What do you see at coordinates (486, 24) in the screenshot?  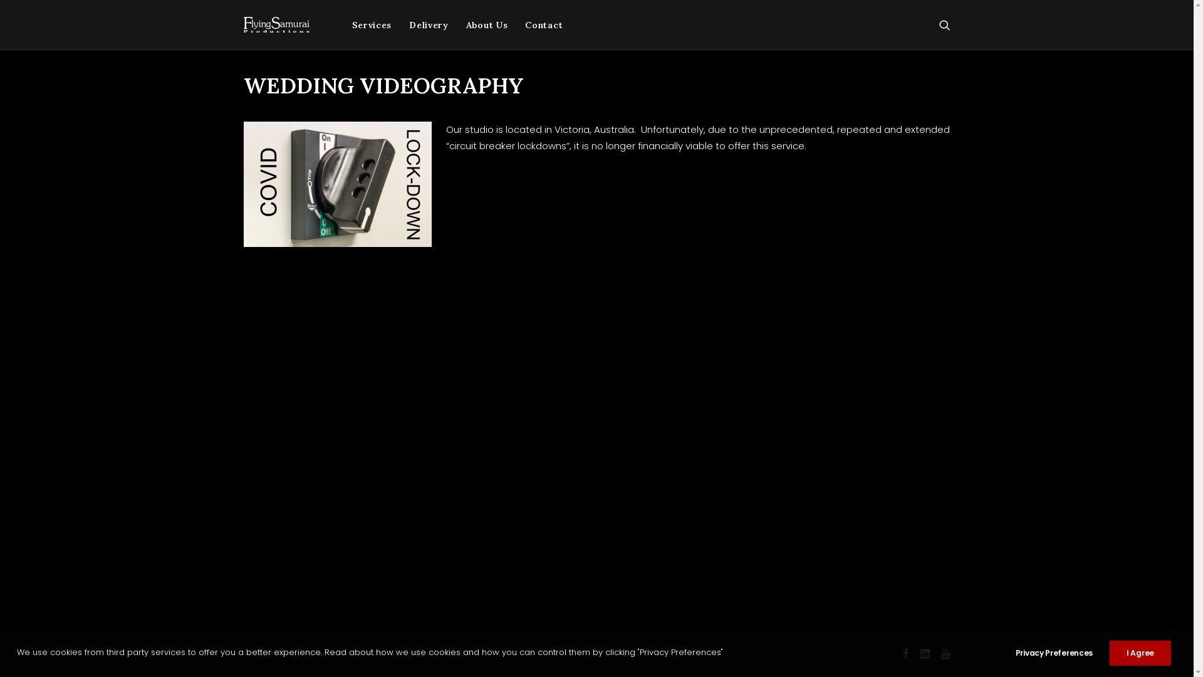 I see `'About Us'` at bounding box center [486, 24].